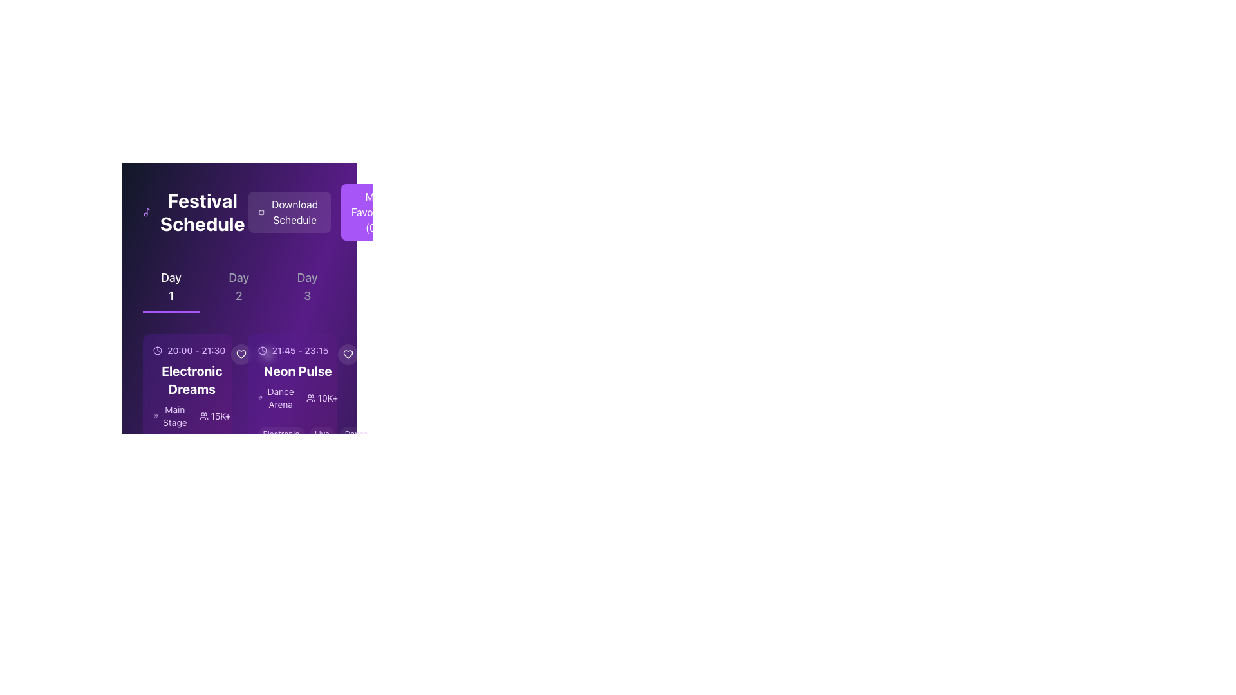 This screenshot has width=1236, height=695. What do you see at coordinates (239, 286) in the screenshot?
I see `the 'Day 2' label in the horizontal layout of schedule tabs` at bounding box center [239, 286].